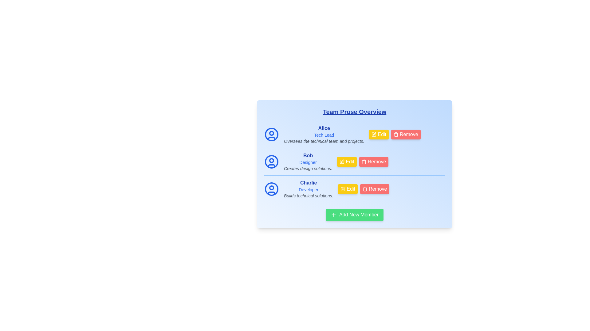 The image size is (590, 331). I want to click on the yellow button labeled 'Edit' for the user Bob, so click(349, 162).